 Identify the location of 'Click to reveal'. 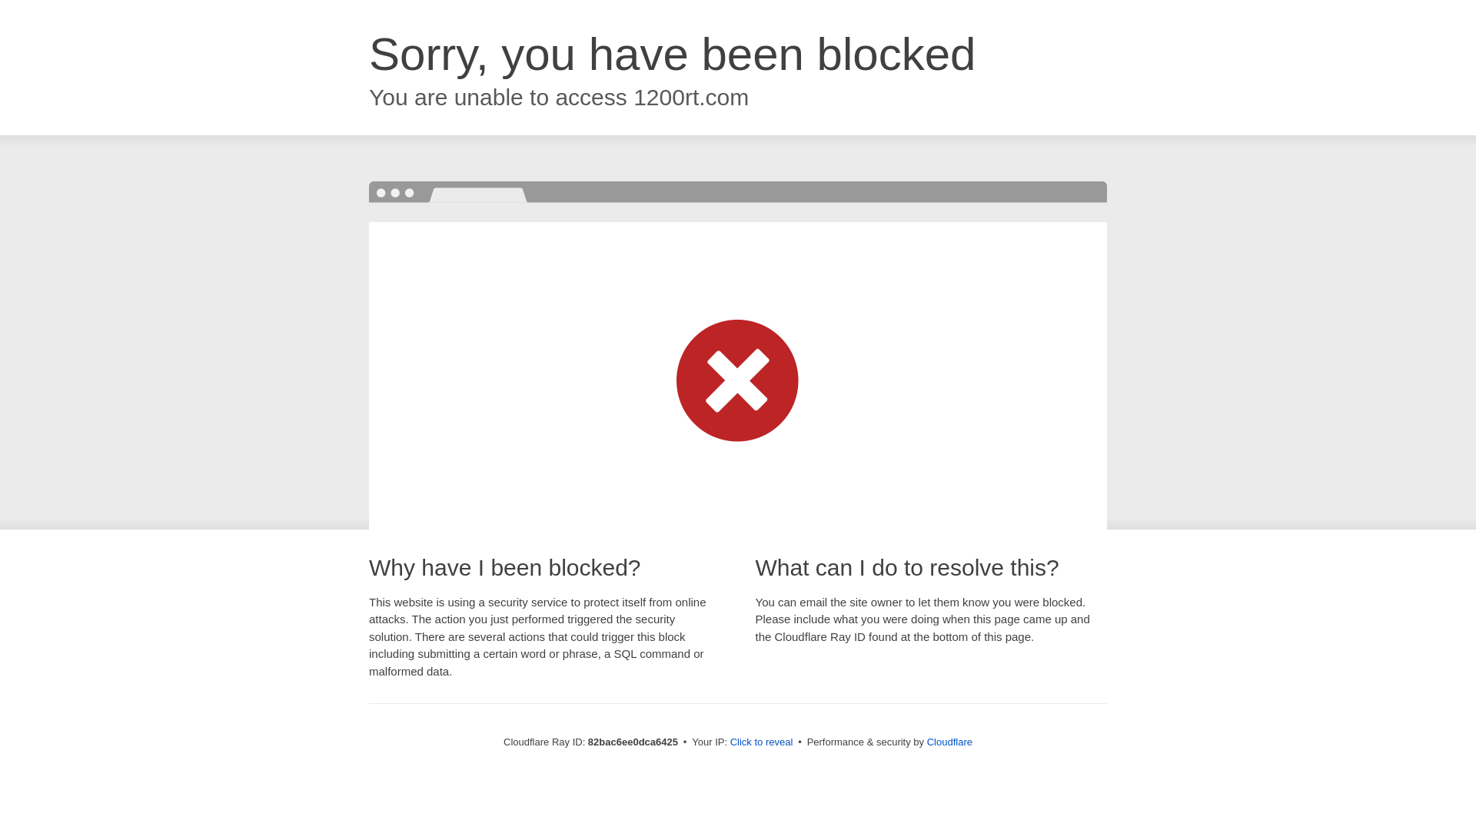
(761, 741).